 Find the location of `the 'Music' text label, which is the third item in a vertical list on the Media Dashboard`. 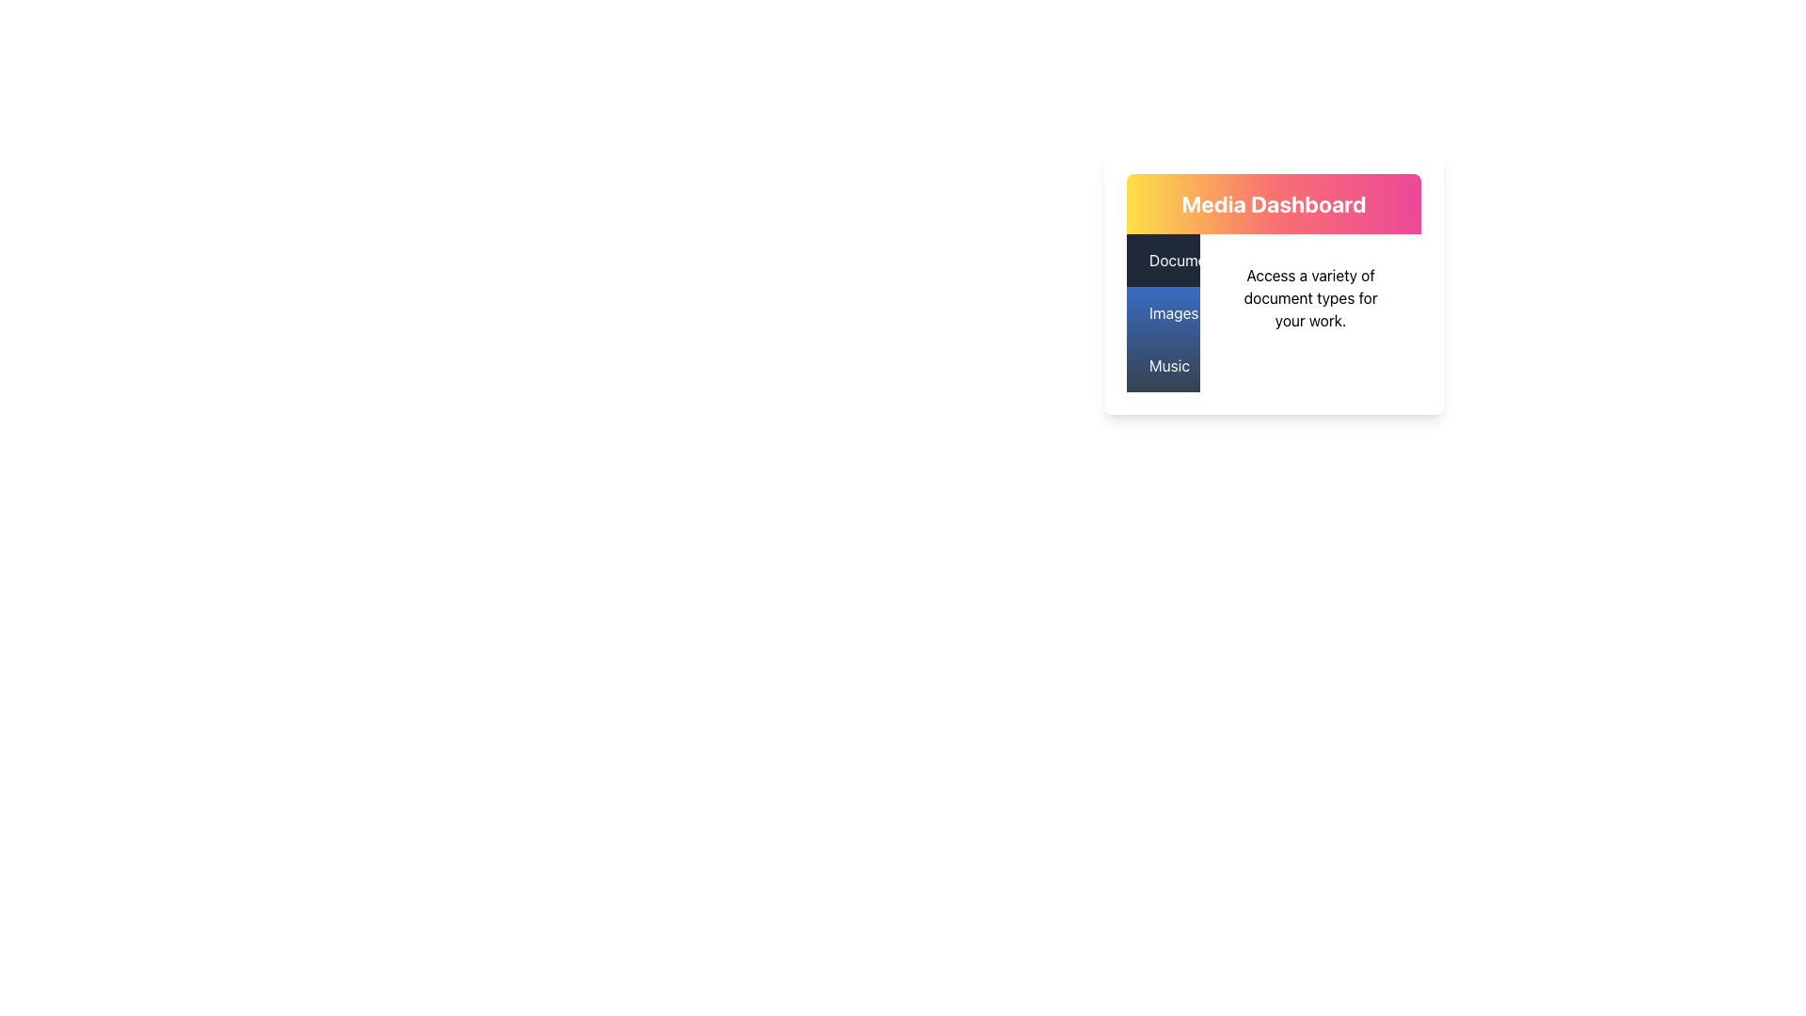

the 'Music' text label, which is the third item in a vertical list on the Media Dashboard is located at coordinates (1168, 366).